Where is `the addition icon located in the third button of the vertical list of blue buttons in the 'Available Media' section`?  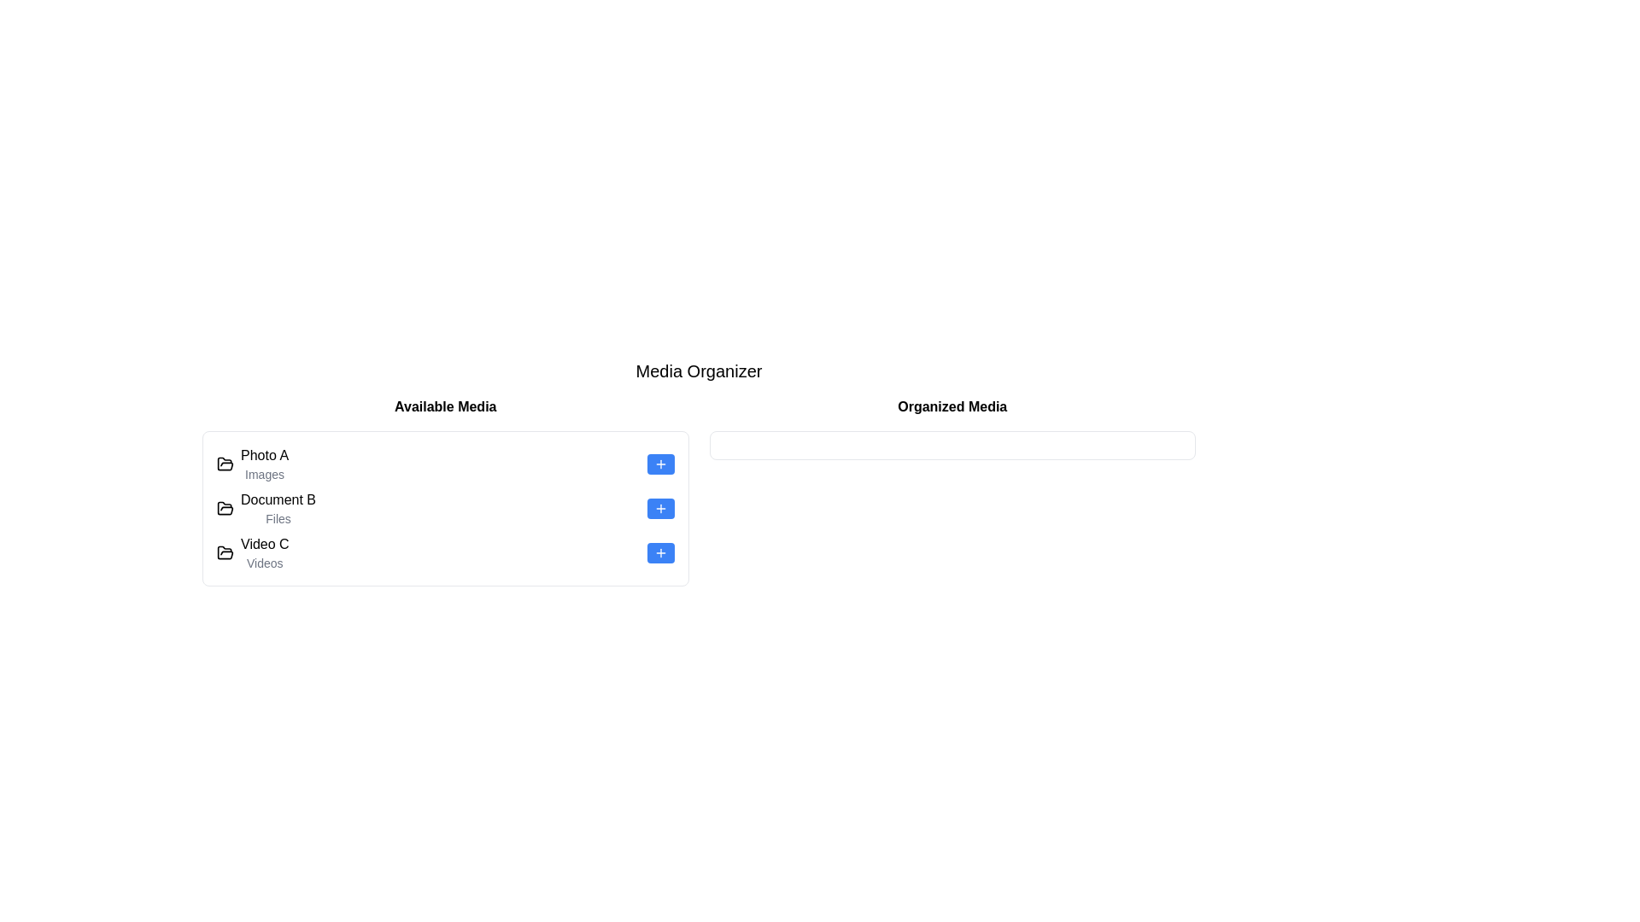
the addition icon located in the third button of the vertical list of blue buttons in the 'Available Media' section is located at coordinates (659, 553).